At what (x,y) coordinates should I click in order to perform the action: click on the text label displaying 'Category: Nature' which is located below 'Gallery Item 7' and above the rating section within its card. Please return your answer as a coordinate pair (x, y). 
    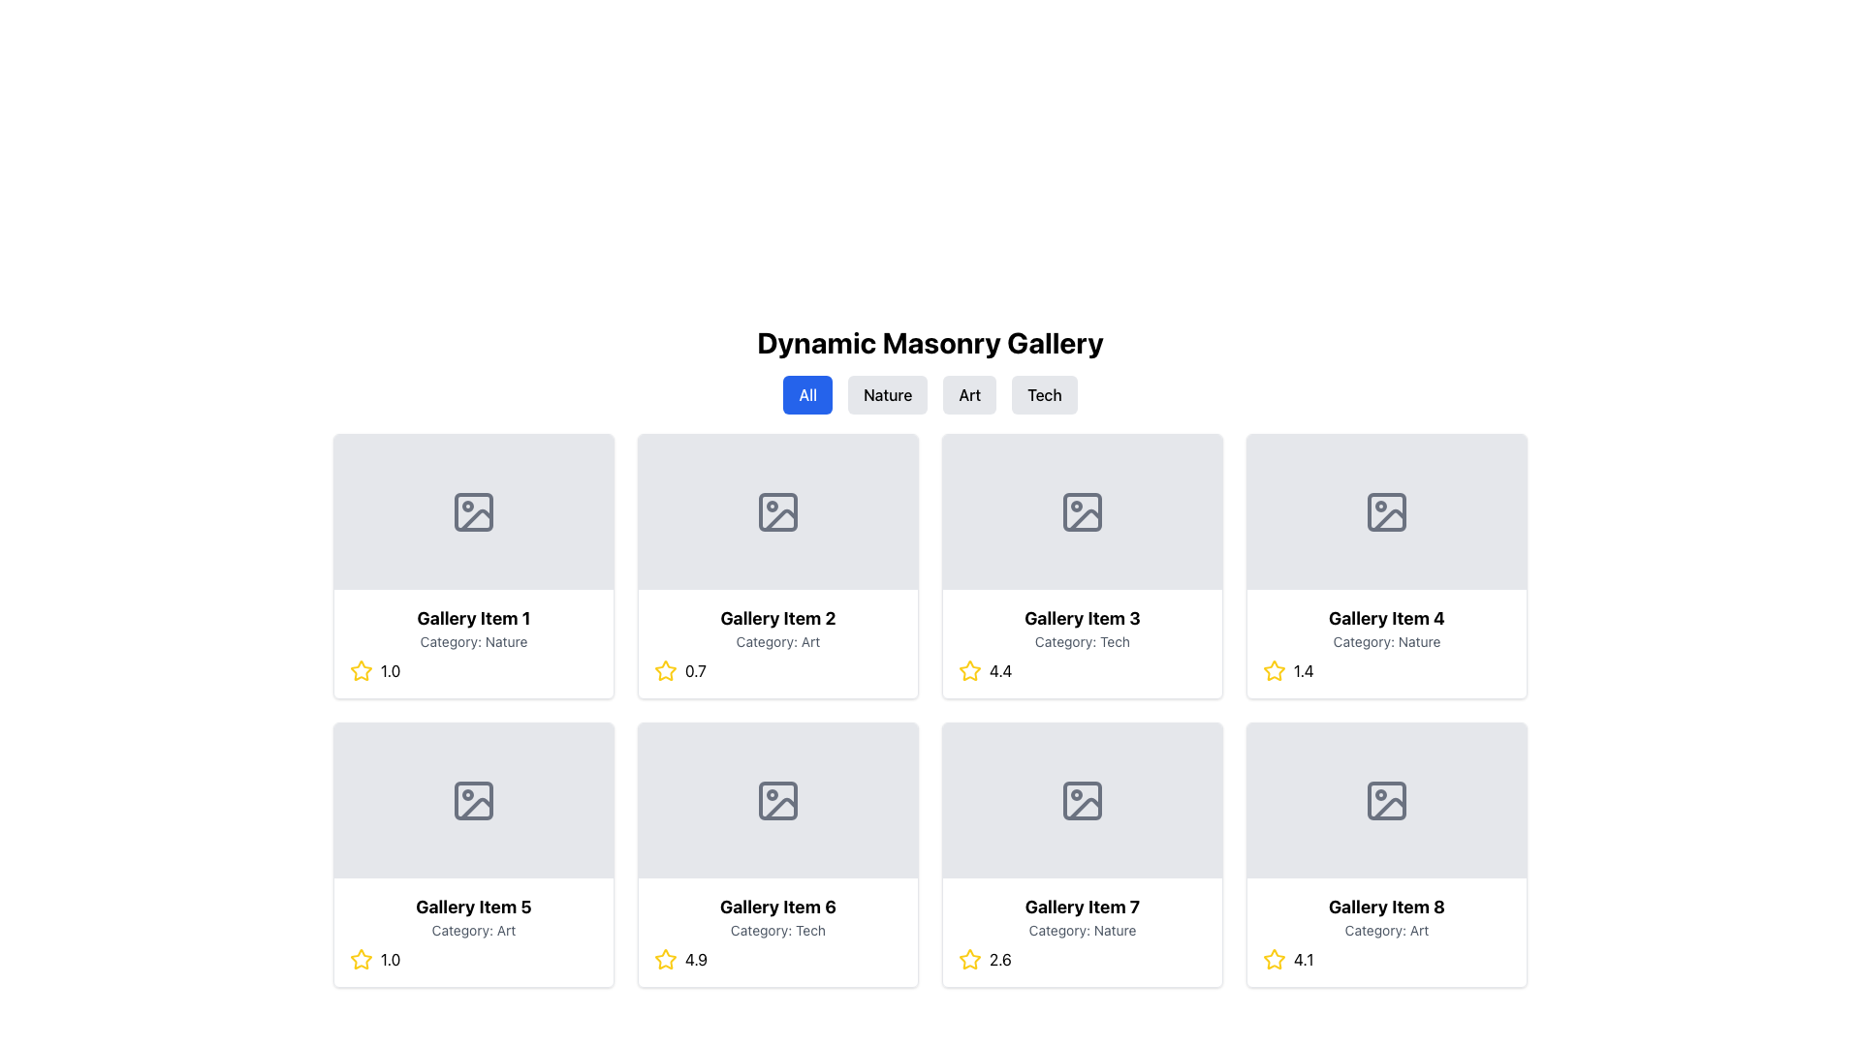
    Looking at the image, I should click on (1082, 929).